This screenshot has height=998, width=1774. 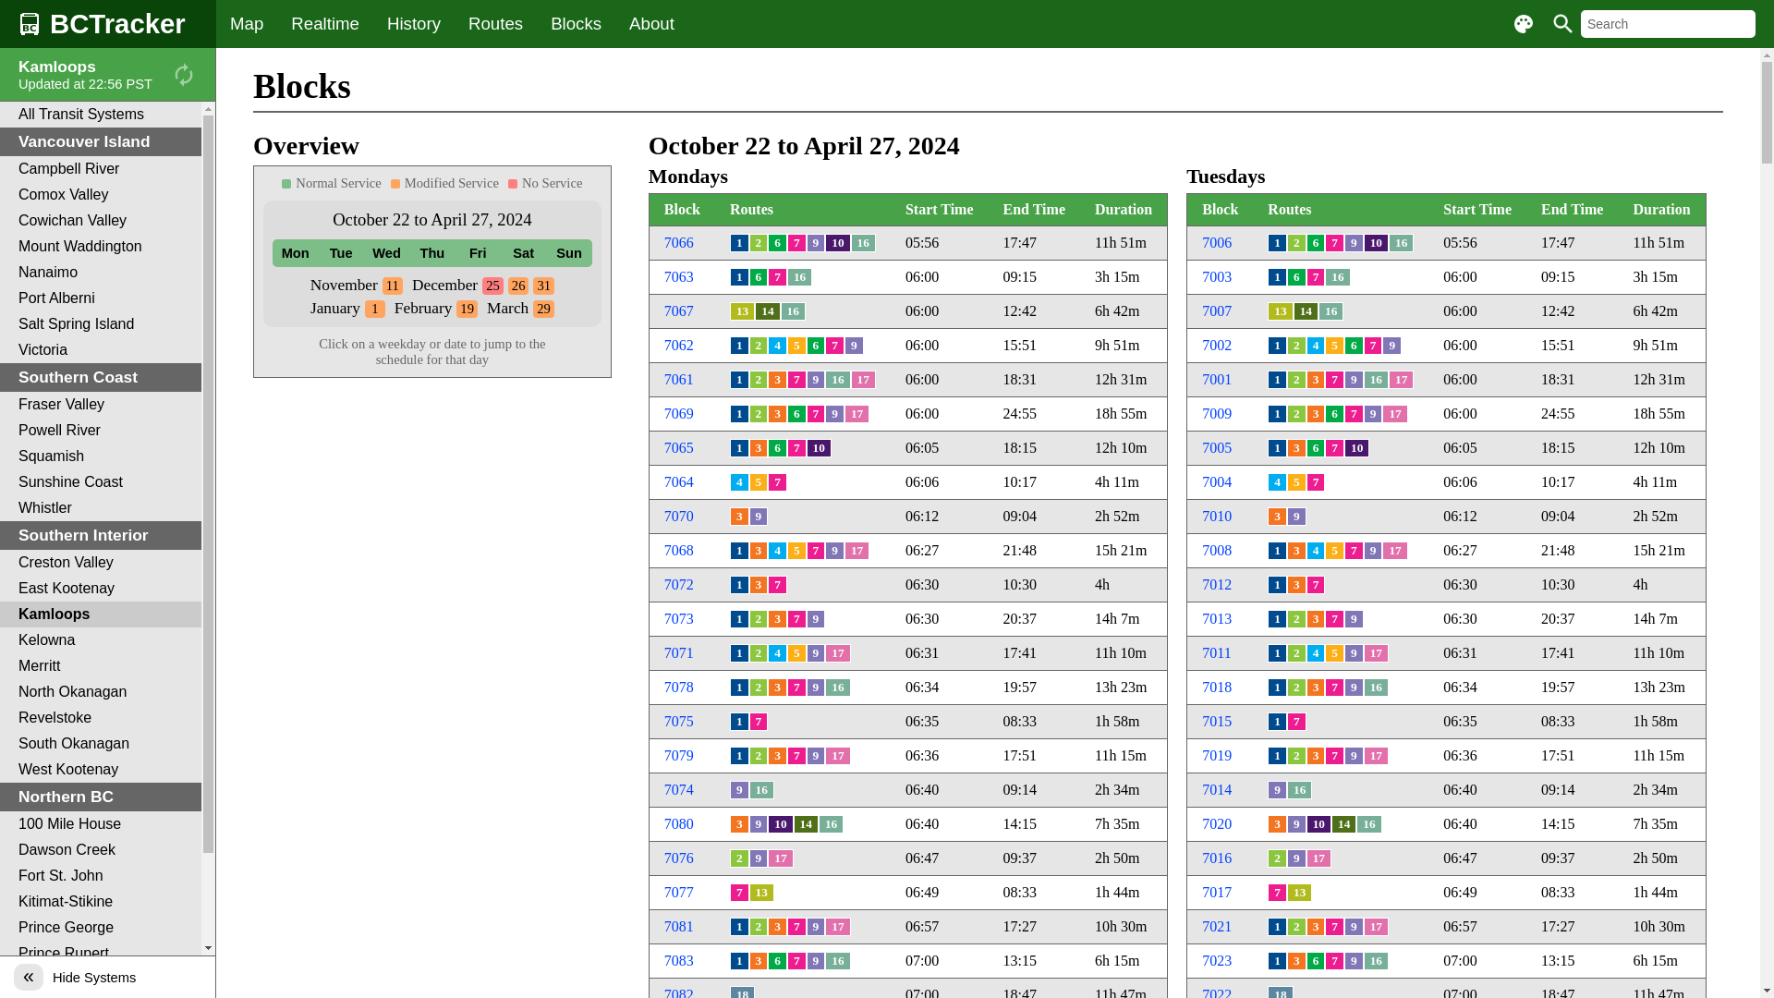 I want to click on '7001', so click(x=1216, y=378).